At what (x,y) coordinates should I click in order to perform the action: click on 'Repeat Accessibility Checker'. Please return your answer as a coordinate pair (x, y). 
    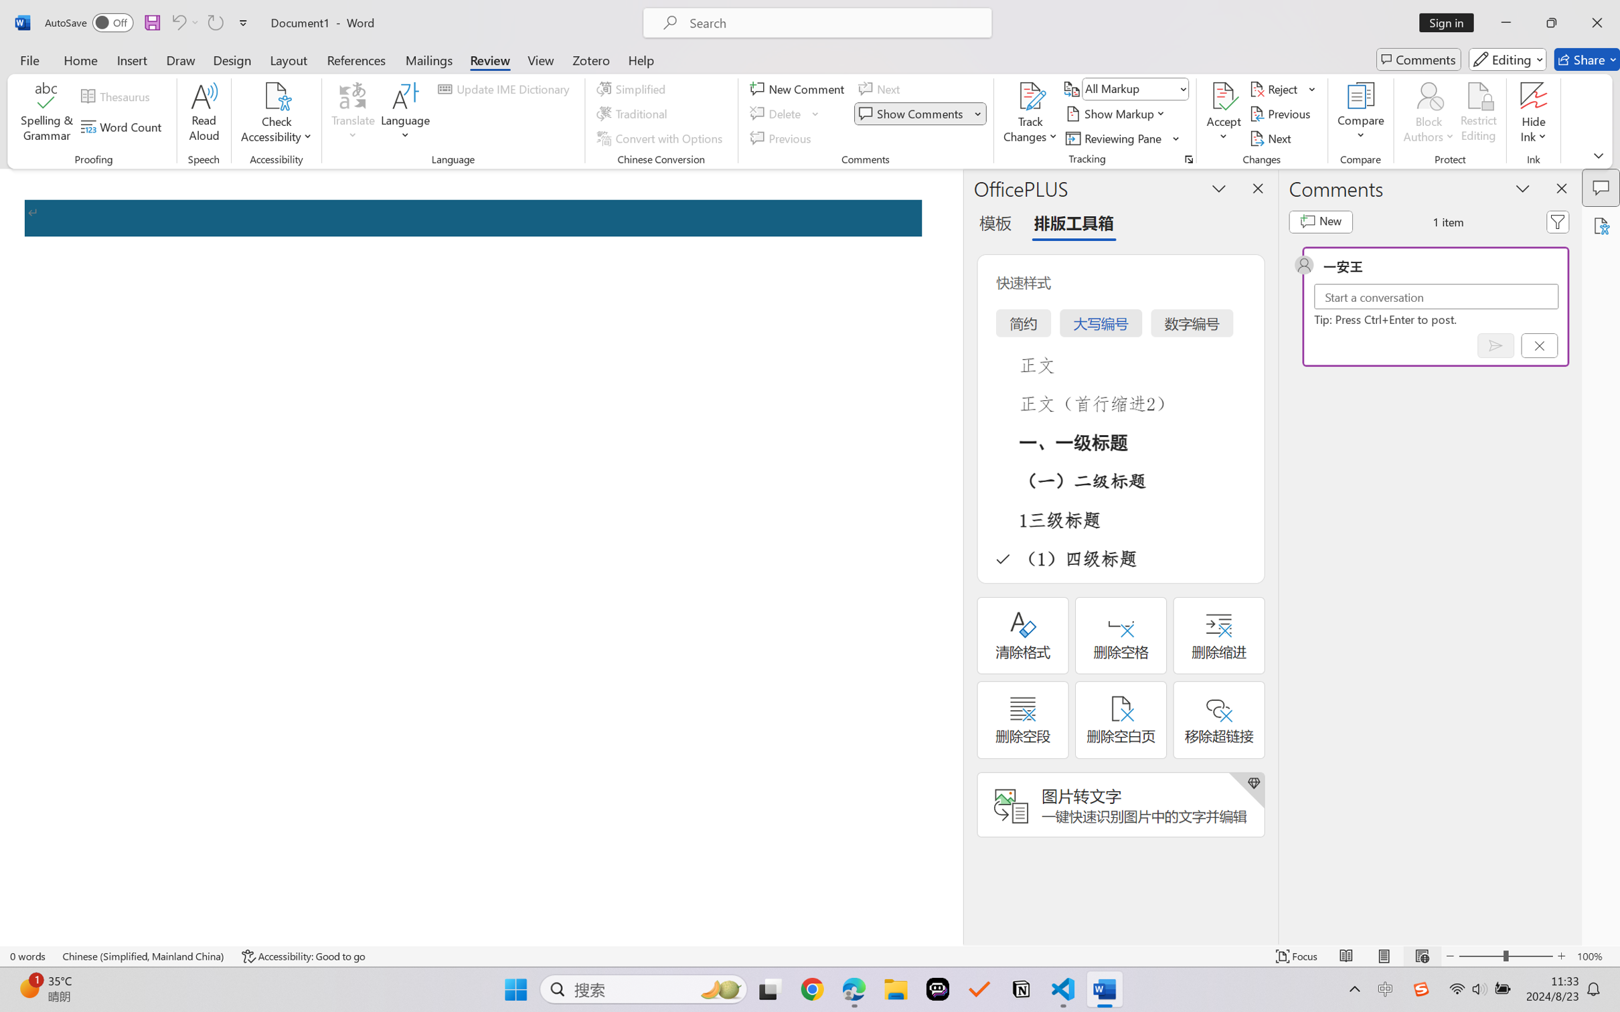
    Looking at the image, I should click on (214, 22).